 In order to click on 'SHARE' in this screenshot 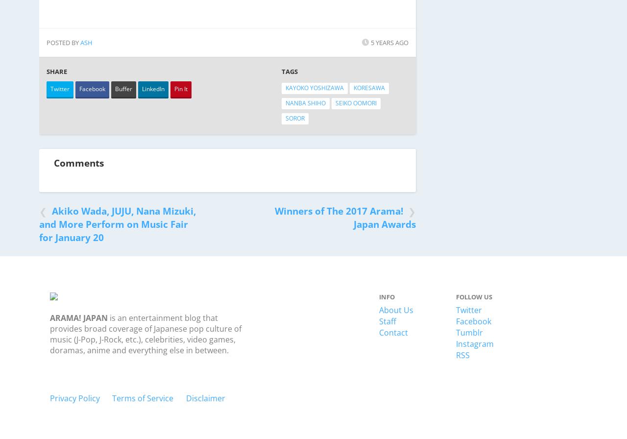, I will do `click(46, 71)`.